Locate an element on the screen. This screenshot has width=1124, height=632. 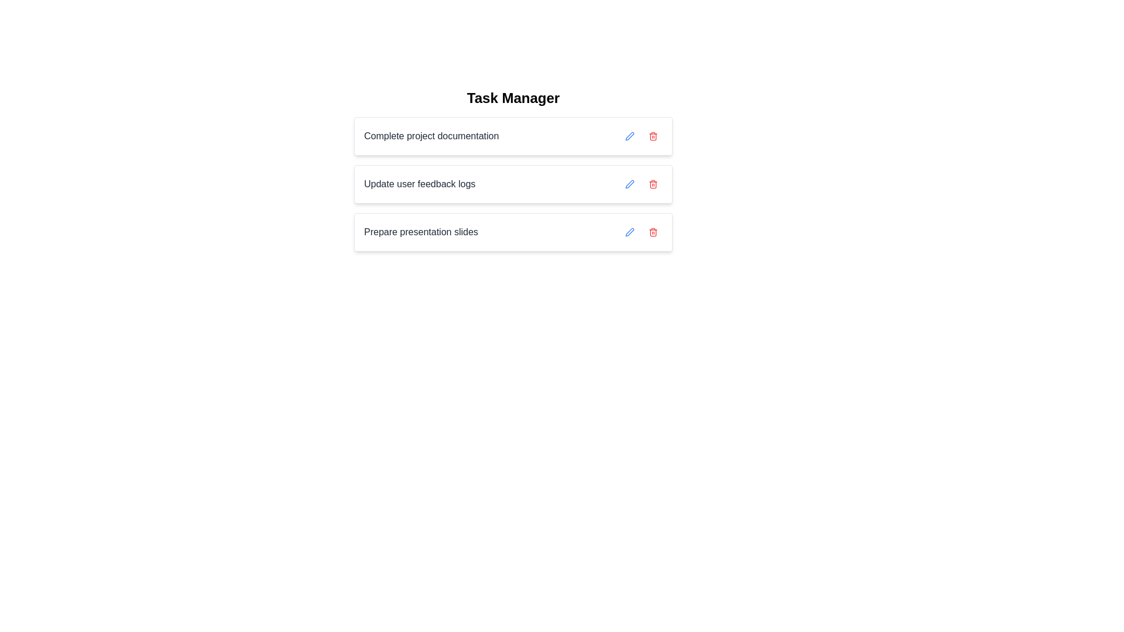
the text element displaying 'Complete project documentation', located at the left side of the first task row under the 'Task Manager' title is located at coordinates (431, 135).